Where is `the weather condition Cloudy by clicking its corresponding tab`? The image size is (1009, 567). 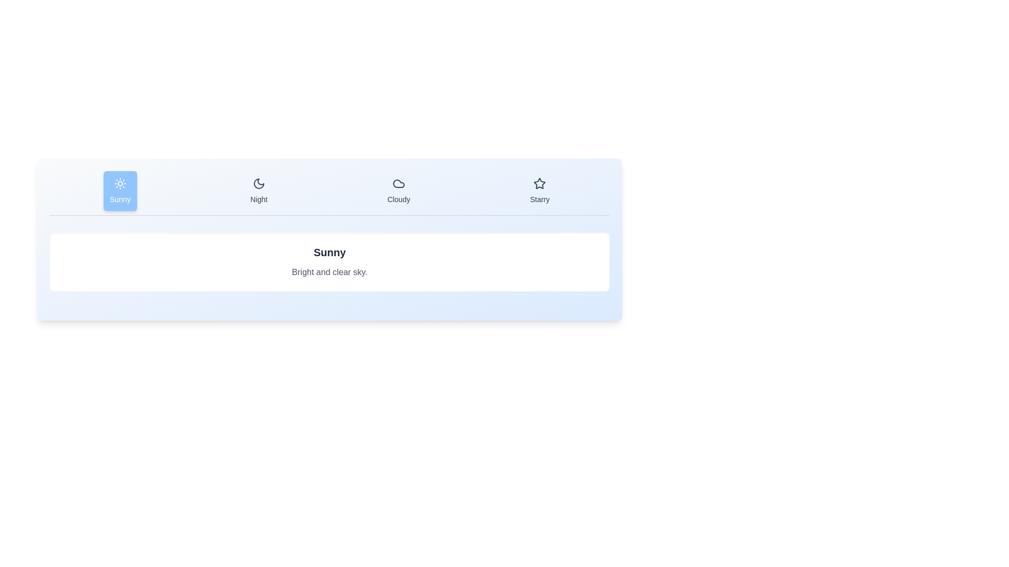 the weather condition Cloudy by clicking its corresponding tab is located at coordinates (398, 191).